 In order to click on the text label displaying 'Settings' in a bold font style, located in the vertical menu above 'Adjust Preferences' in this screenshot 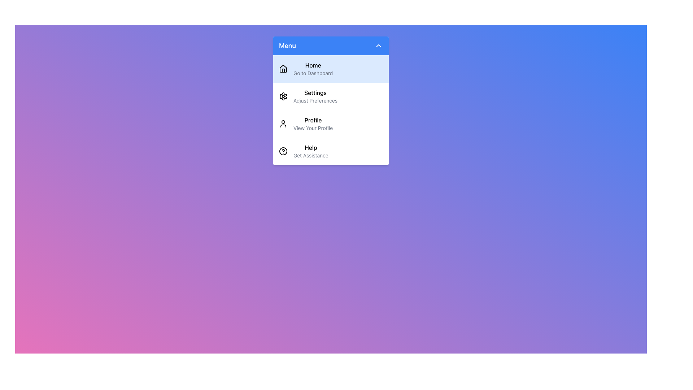, I will do `click(315, 92)`.